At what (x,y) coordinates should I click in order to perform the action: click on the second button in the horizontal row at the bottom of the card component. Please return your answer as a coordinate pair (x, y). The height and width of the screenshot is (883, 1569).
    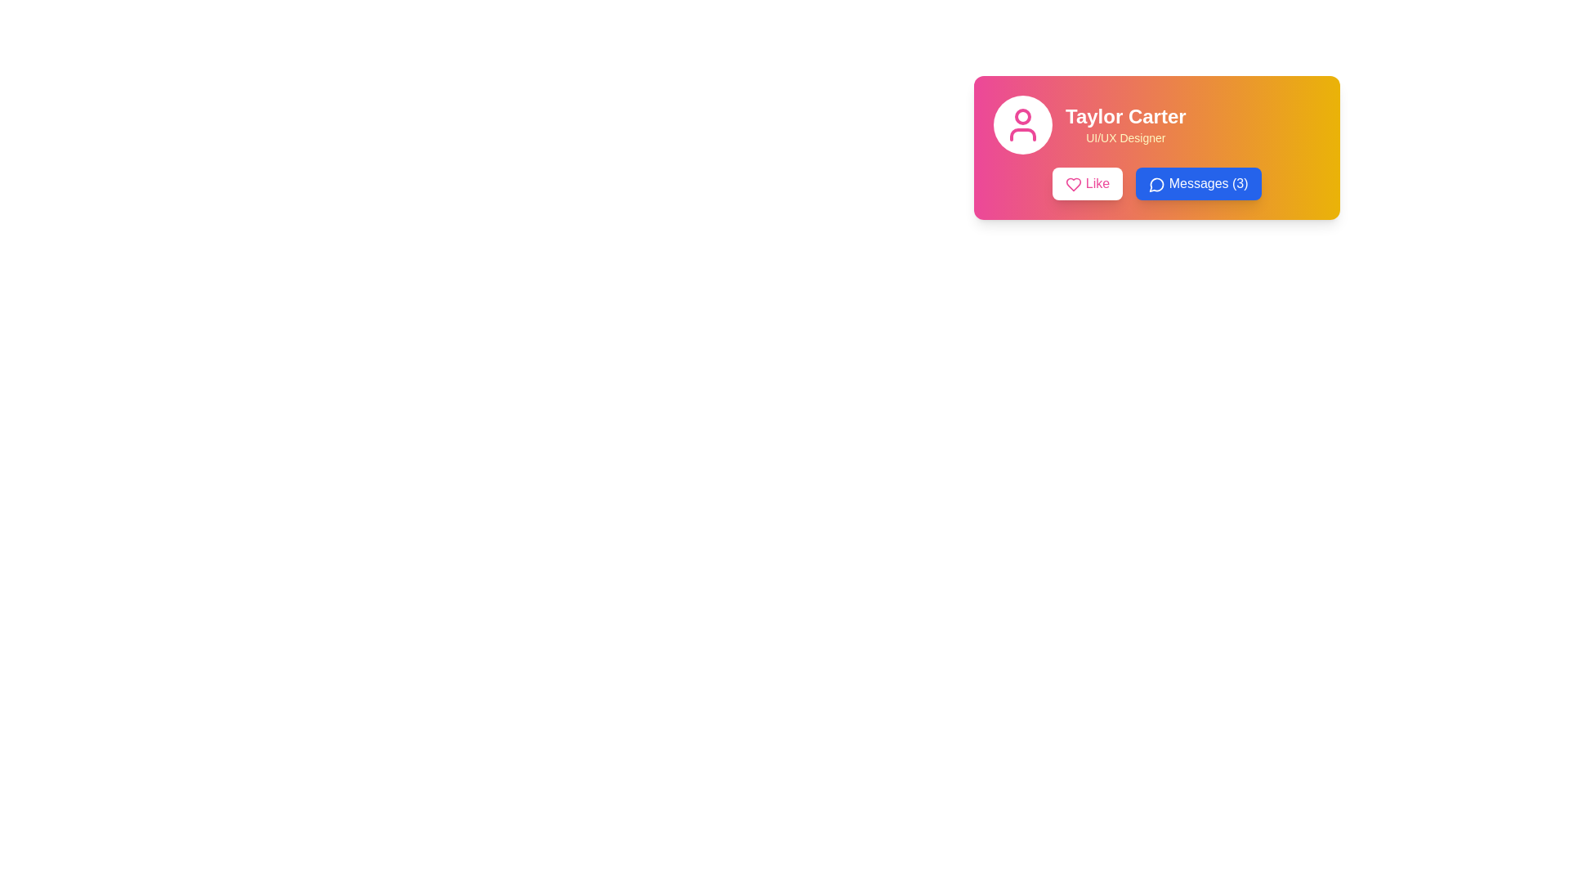
    Looking at the image, I should click on (1156, 183).